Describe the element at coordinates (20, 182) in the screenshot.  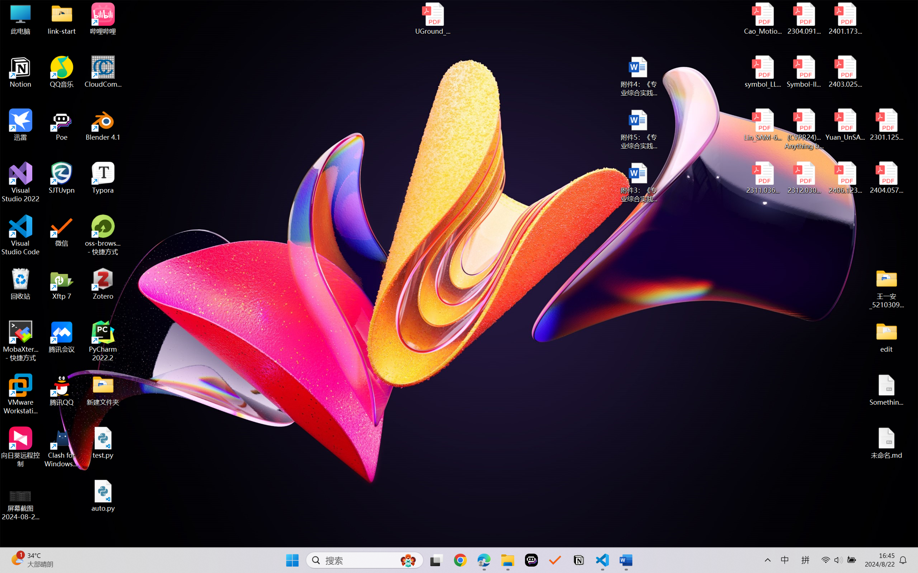
I see `'Visual Studio 2022'` at that location.